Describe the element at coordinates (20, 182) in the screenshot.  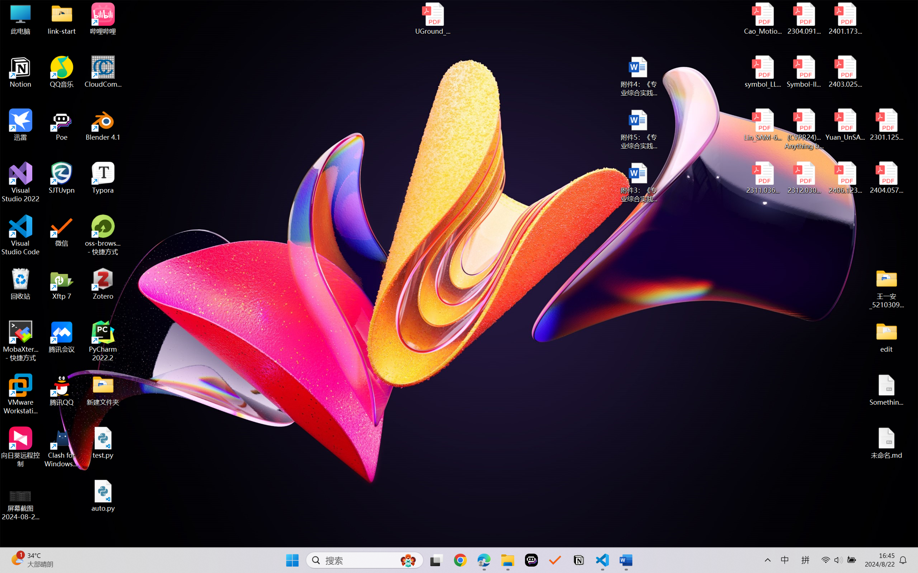
I see `'Visual Studio 2022'` at that location.